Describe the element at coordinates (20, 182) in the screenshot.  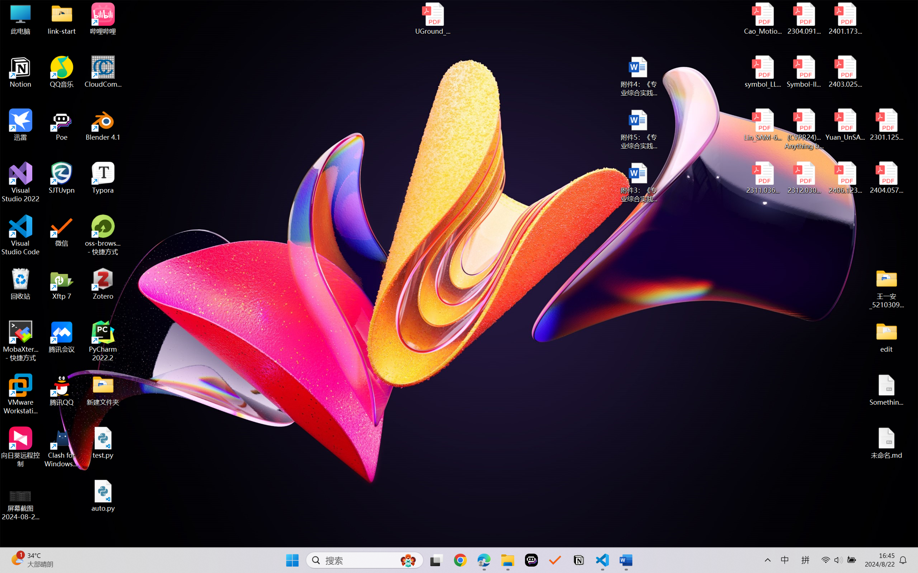
I see `'Visual Studio 2022'` at that location.